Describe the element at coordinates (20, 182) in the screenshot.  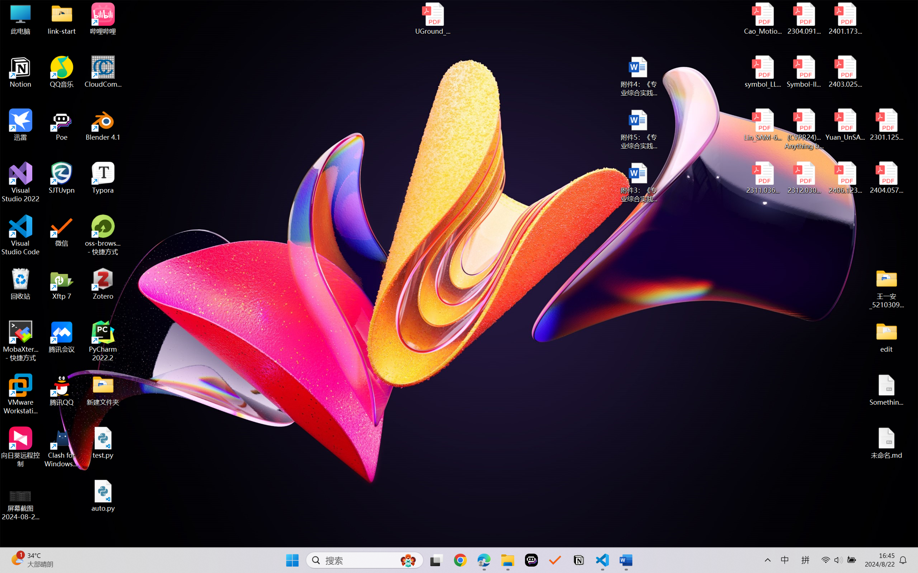
I see `'Visual Studio 2022'` at that location.